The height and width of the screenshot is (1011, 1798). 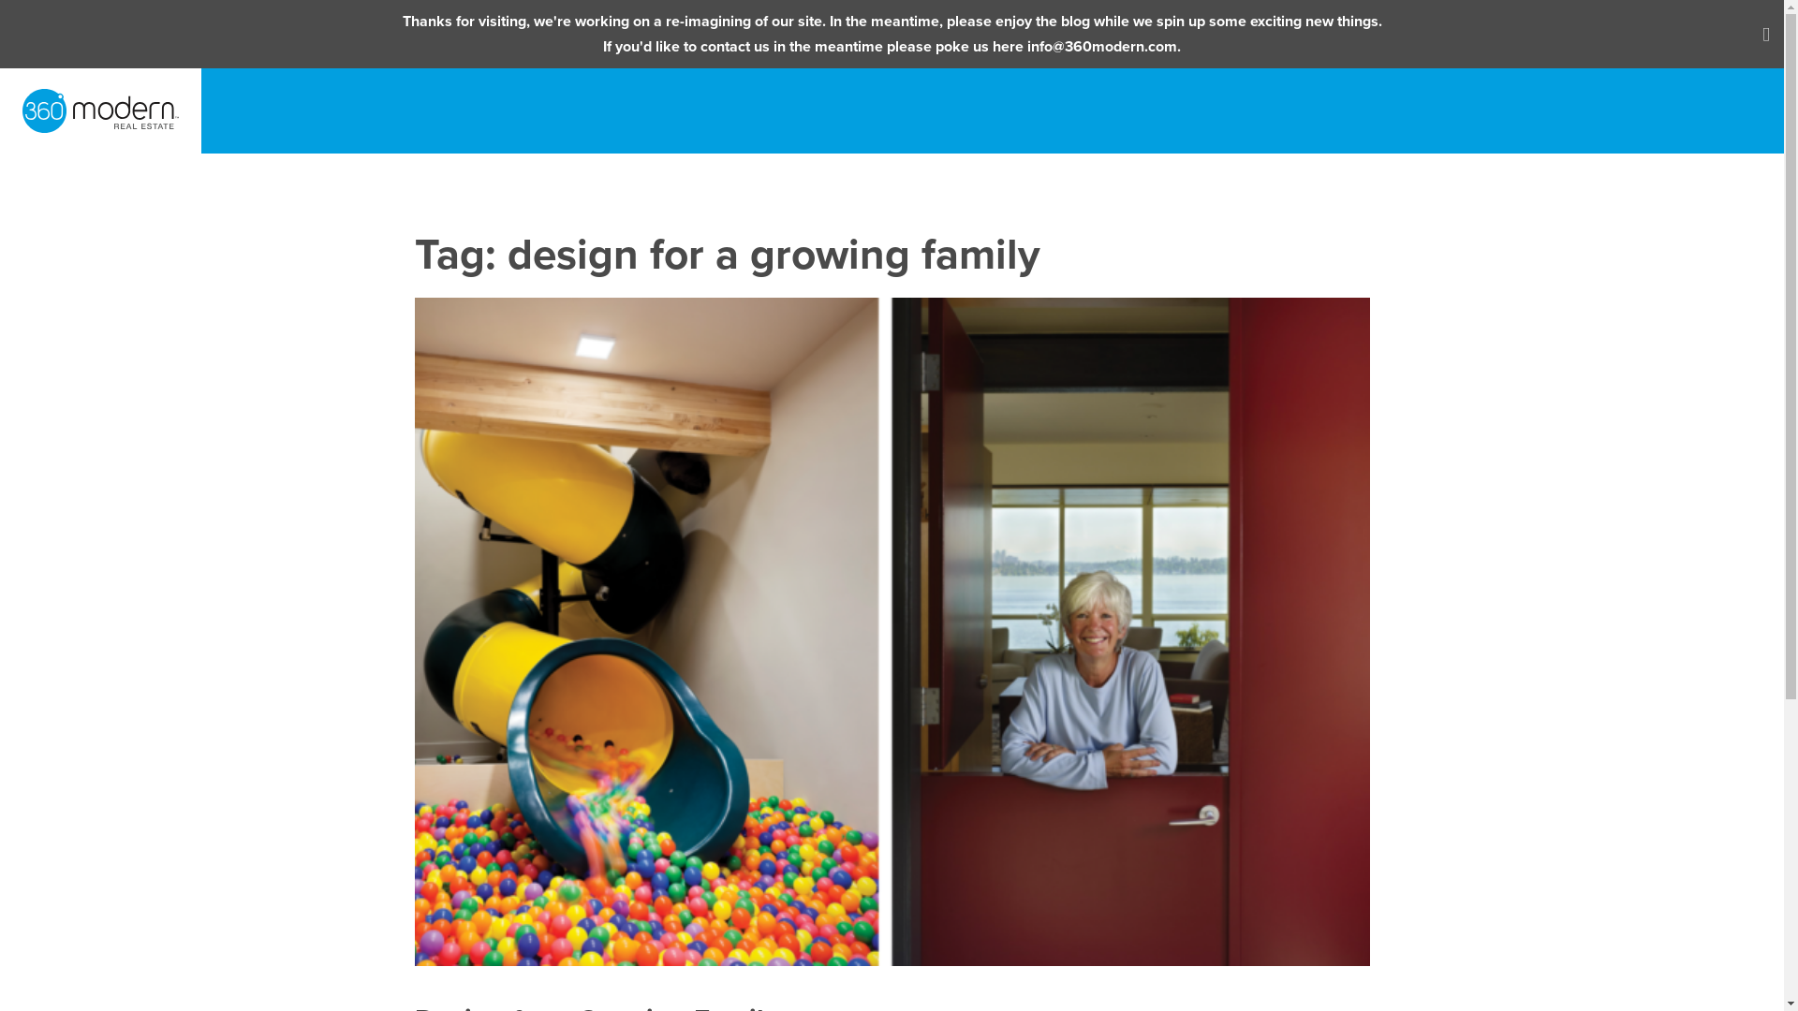 I want to click on 'info@360modern.com', so click(x=1026, y=46).